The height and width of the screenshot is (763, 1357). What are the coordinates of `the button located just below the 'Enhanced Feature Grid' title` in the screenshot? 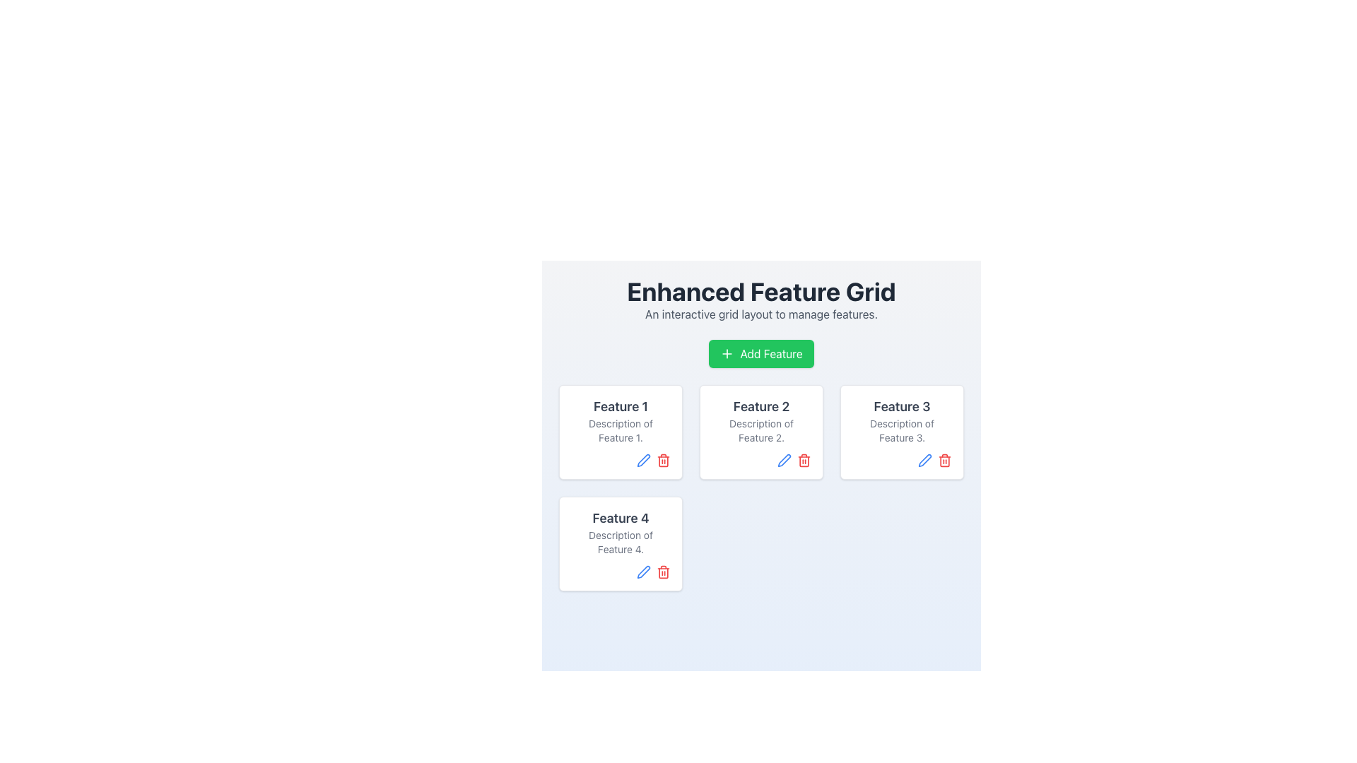 It's located at (760, 353).